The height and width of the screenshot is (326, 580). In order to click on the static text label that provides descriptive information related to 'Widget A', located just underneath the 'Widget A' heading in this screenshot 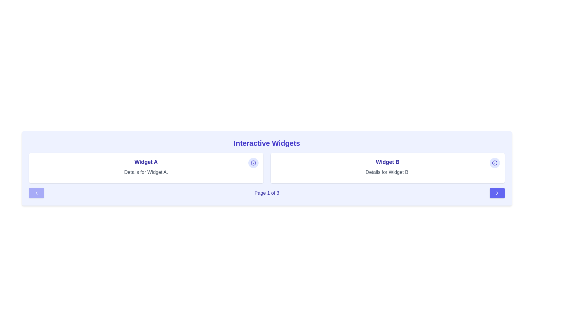, I will do `click(146, 172)`.